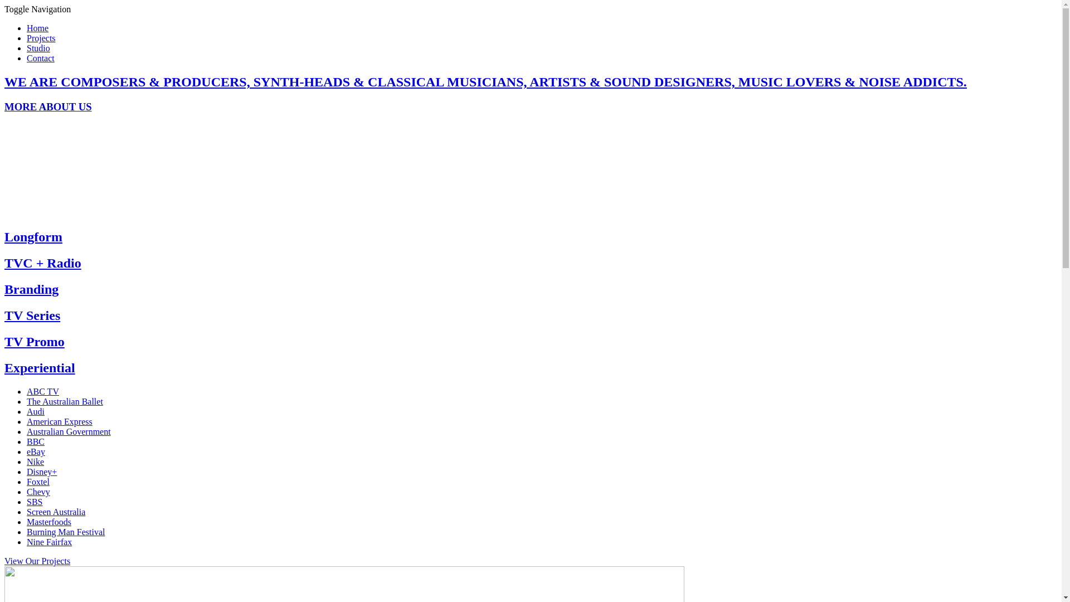 The image size is (1070, 602). I want to click on 'Longform', so click(33, 236).